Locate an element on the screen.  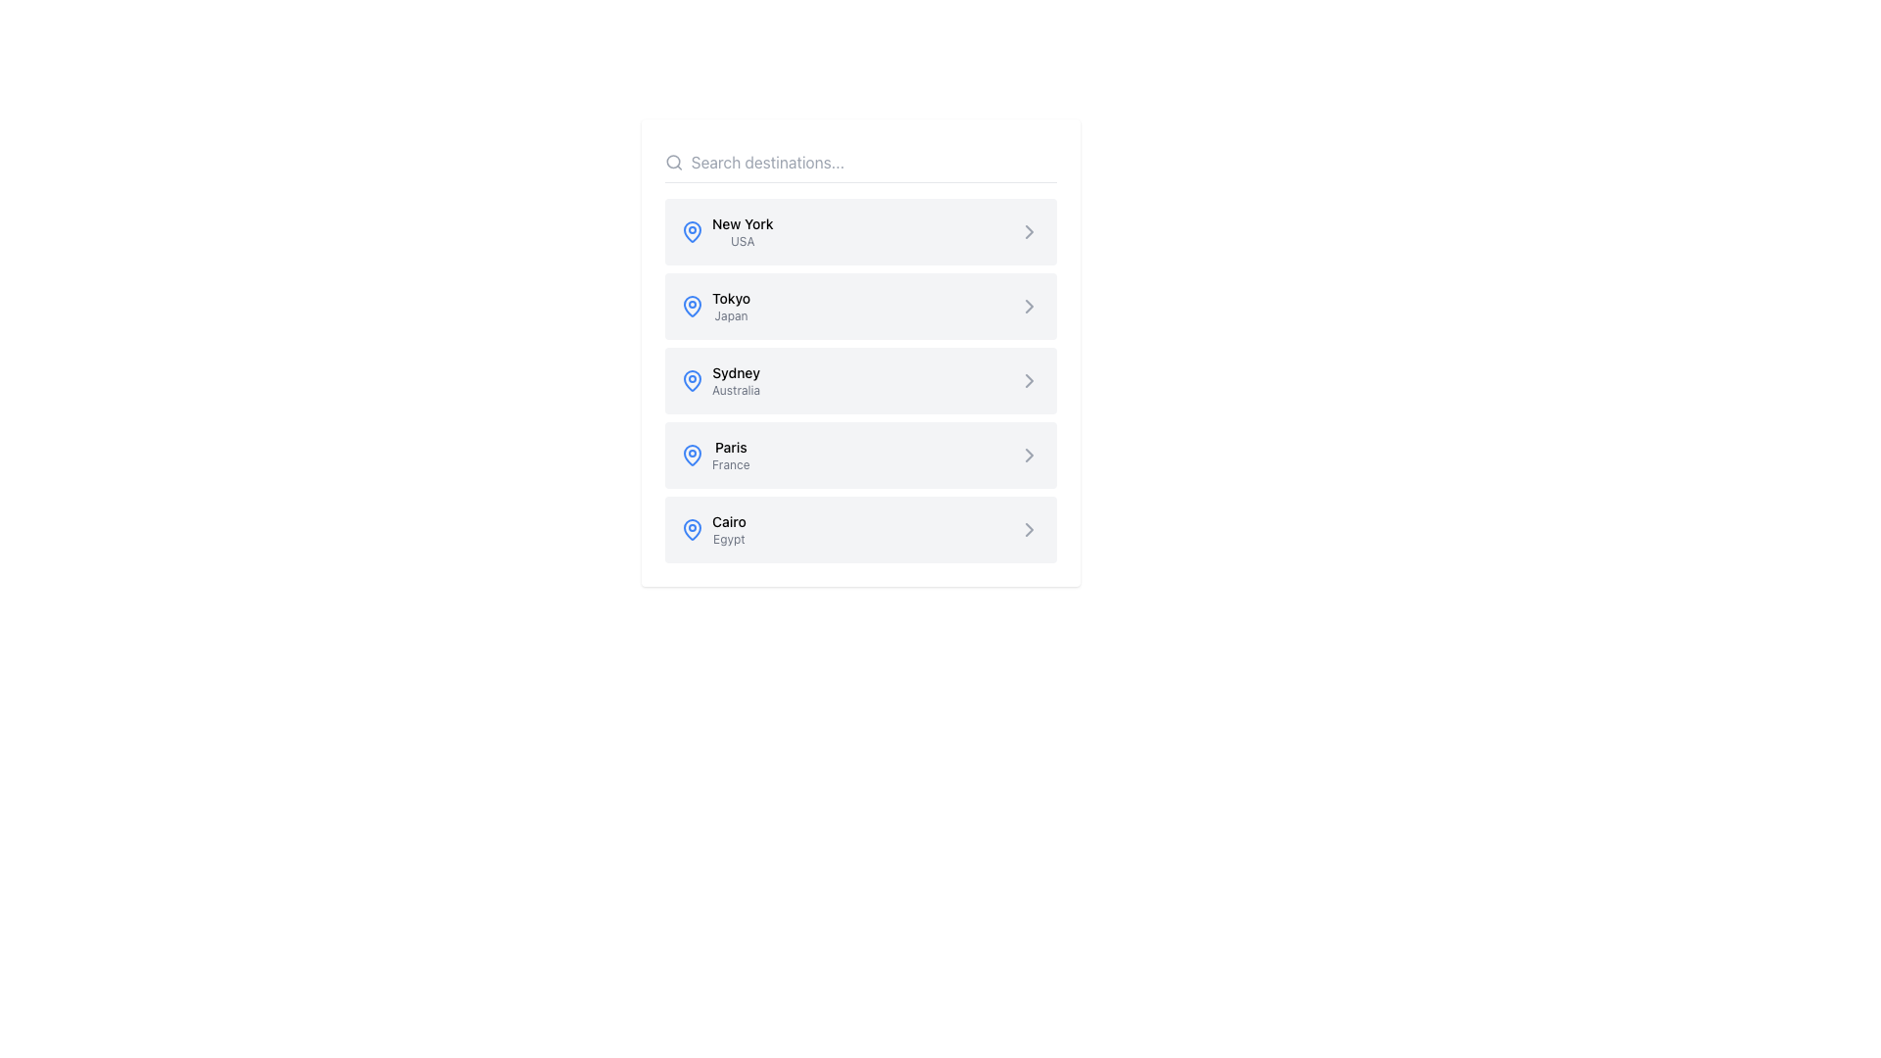
the text label displaying 'Cairo, Egypt' located in the fifth row of the destination list is located at coordinates (728, 529).